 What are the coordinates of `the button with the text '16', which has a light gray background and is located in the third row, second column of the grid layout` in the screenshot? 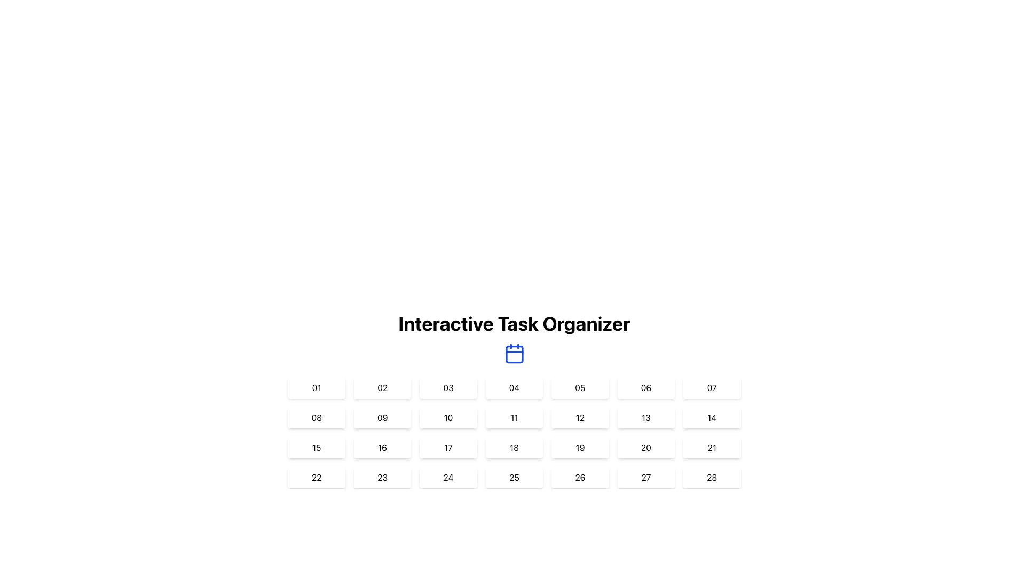 It's located at (382, 447).